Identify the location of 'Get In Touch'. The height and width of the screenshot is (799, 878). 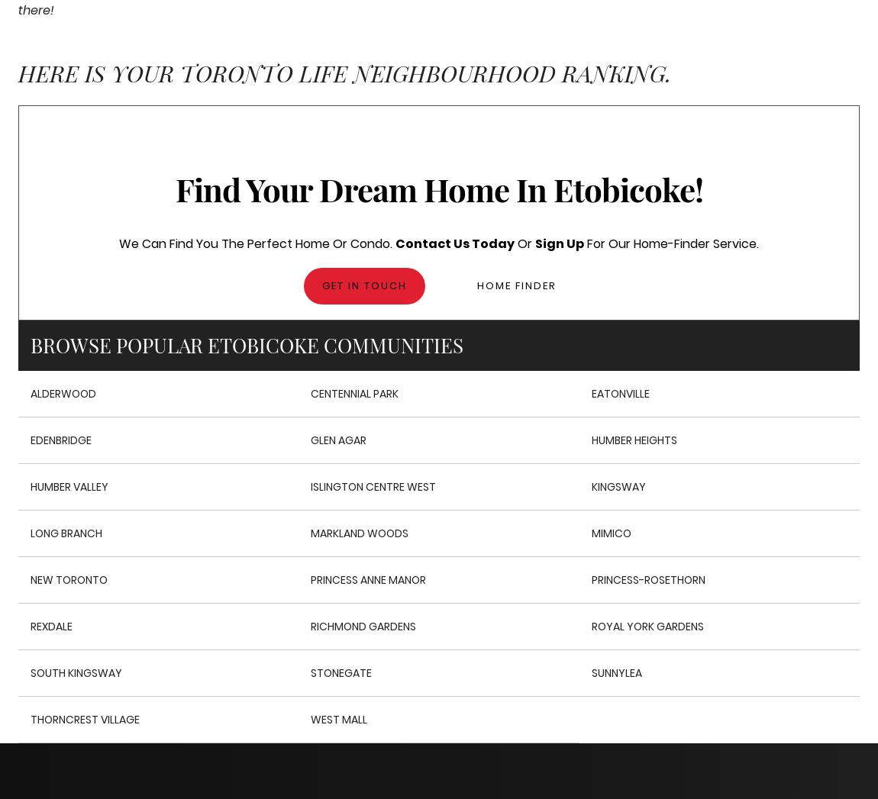
(363, 285).